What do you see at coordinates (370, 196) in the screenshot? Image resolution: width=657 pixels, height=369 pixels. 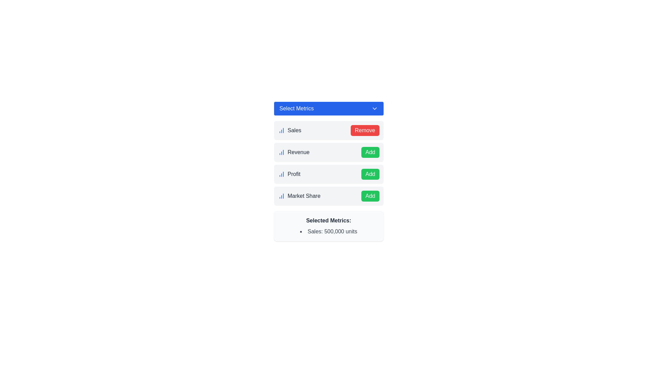 I see `the green 'Add' button with white text located at the bottom-right of the 'Market Share' section` at bounding box center [370, 196].